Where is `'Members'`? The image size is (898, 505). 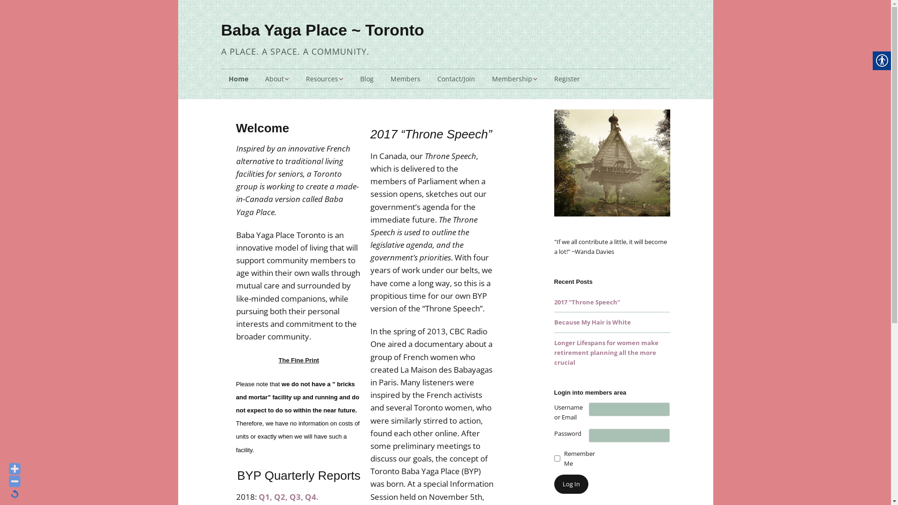
'Members' is located at coordinates (382, 79).